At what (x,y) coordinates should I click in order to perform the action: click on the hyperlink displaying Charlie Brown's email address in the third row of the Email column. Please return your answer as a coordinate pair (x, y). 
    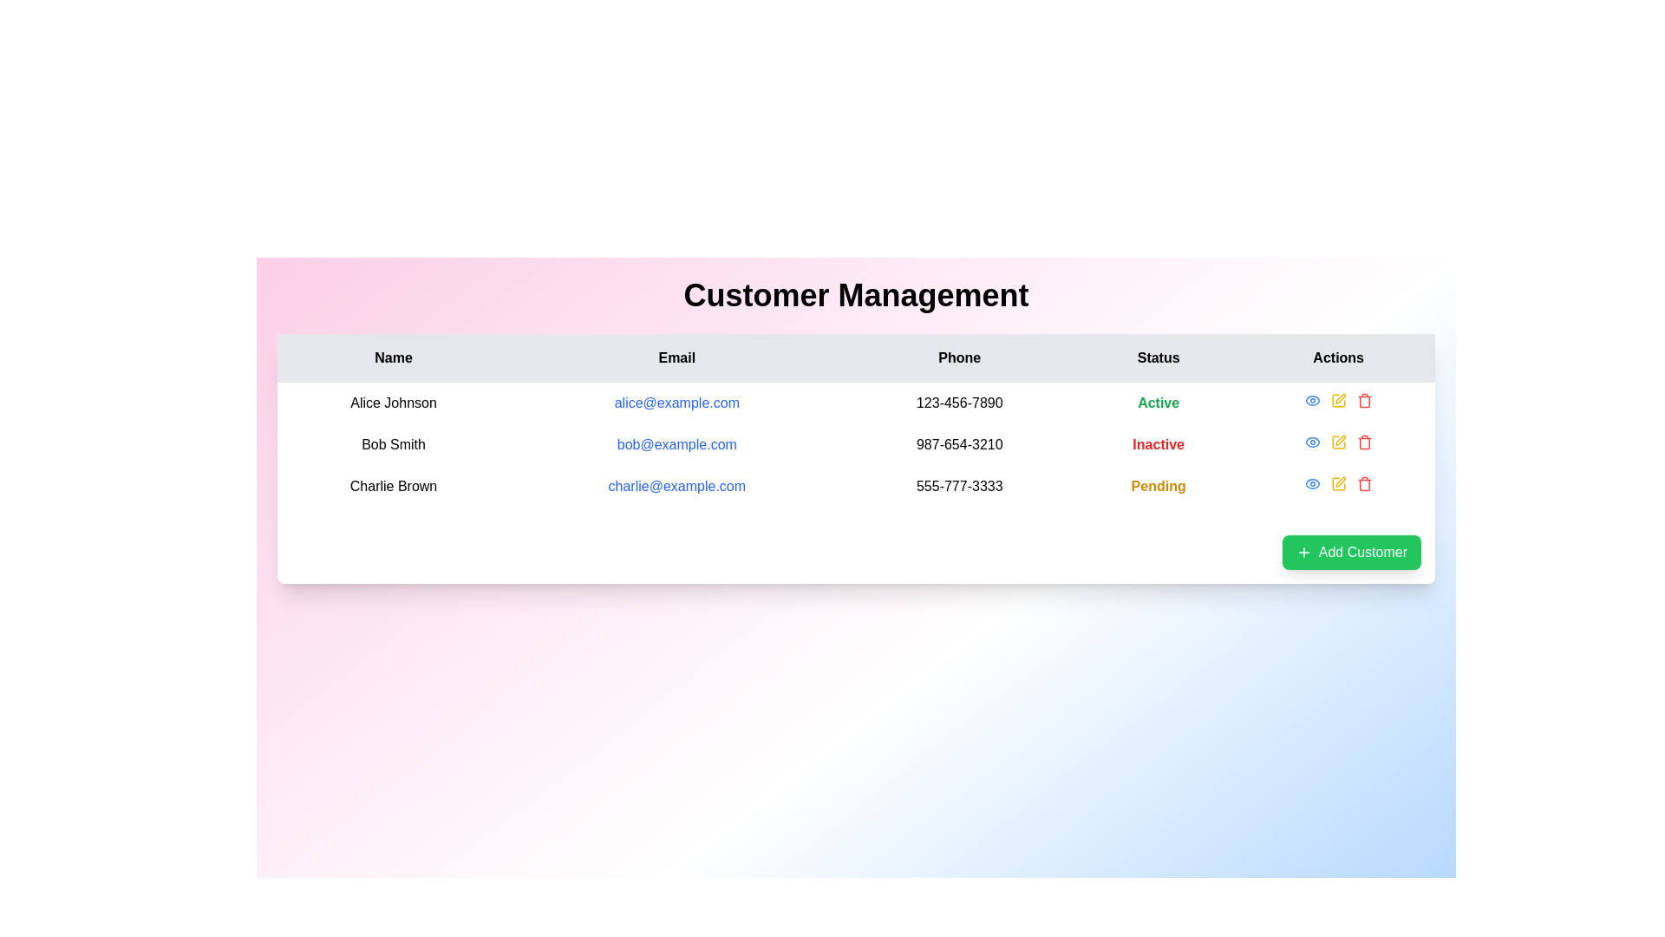
    Looking at the image, I should click on (676, 486).